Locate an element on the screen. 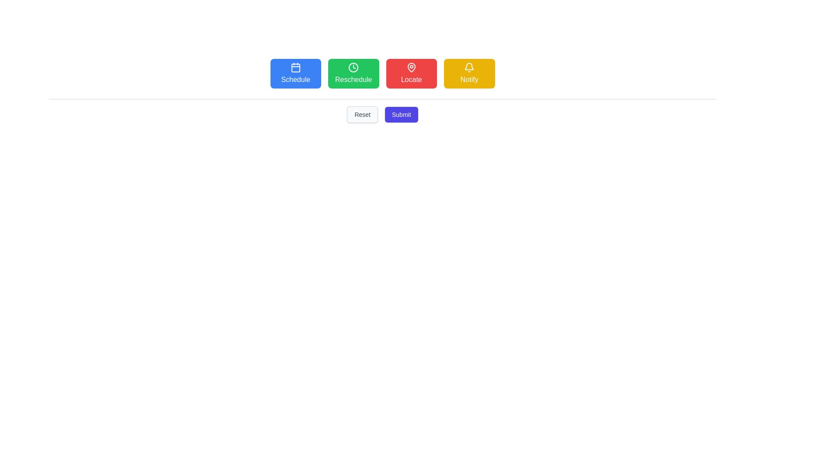 The height and width of the screenshot is (471, 839). the reschedule icon located within the green 'Reschedule' button, centered above the text label 'Reschedule' is located at coordinates (354, 67).